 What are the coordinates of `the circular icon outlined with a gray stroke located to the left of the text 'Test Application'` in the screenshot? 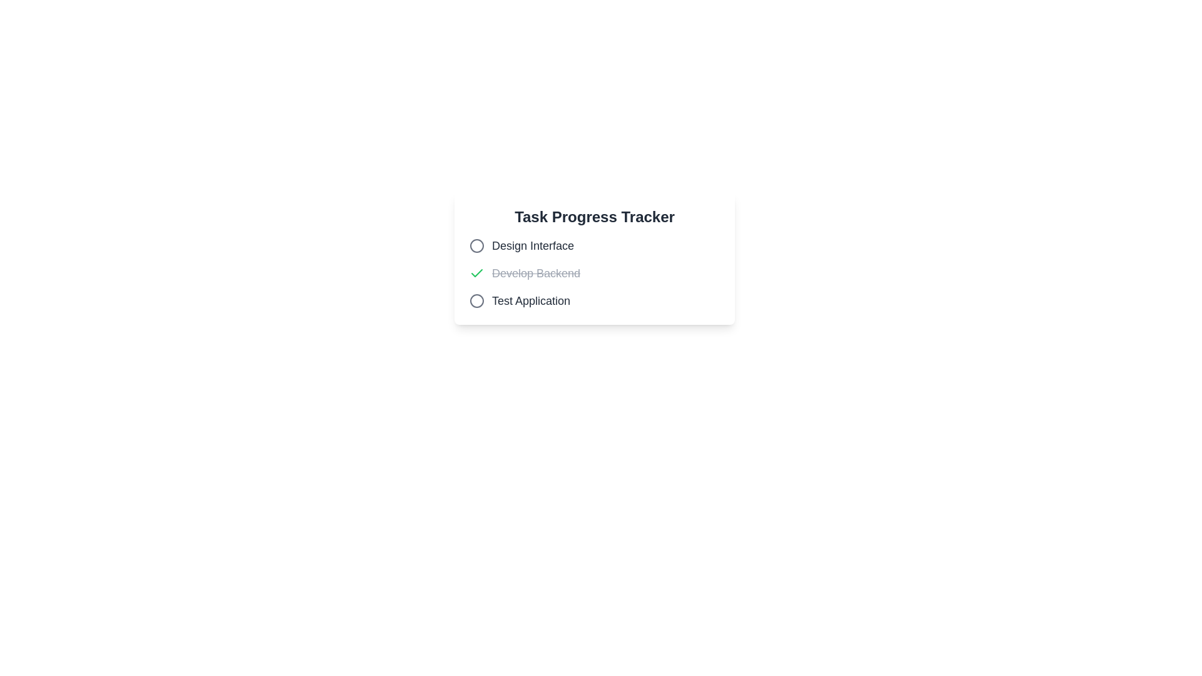 It's located at (476, 301).